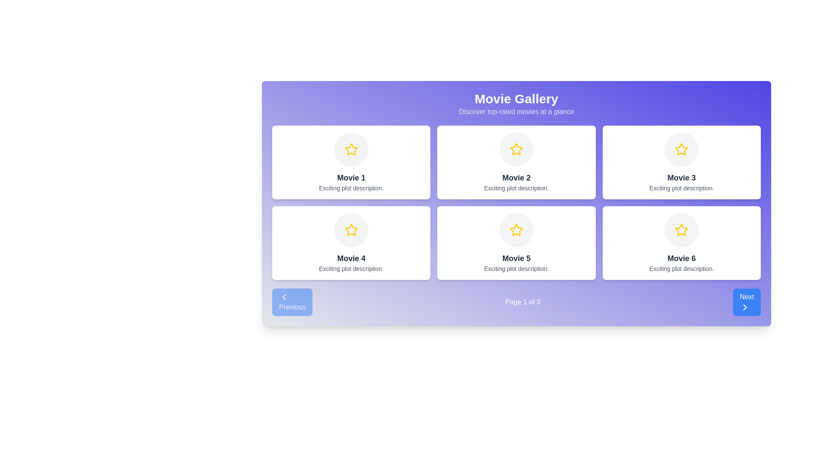  Describe the element at coordinates (351, 268) in the screenshot. I see `the informational text located directly below 'Movie 4' in the card for 'Movie 4' in the bottom-left section of the grid layout` at that location.